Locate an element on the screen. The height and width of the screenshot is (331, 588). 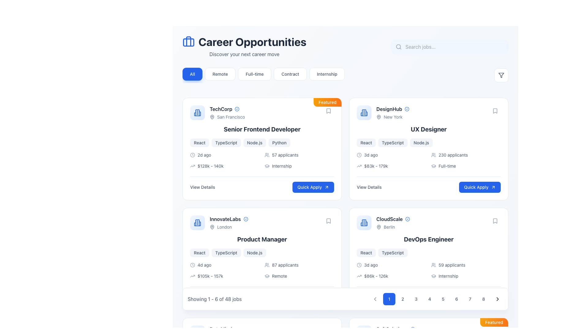
the fifth numeric pagination button marked as '5' is located at coordinates (436, 299).